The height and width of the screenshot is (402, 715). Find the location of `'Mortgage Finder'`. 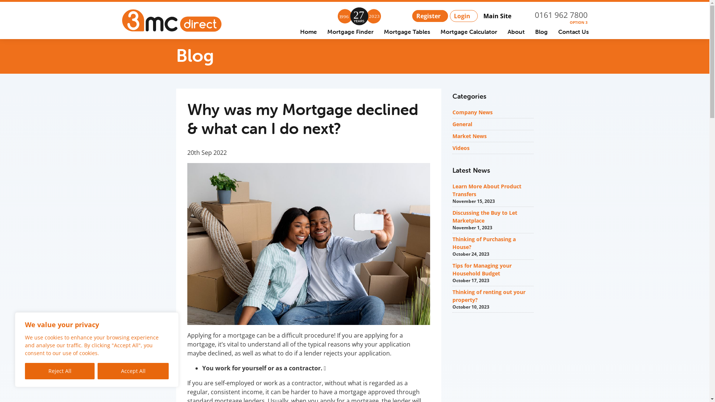

'Mortgage Finder' is located at coordinates (322, 31).